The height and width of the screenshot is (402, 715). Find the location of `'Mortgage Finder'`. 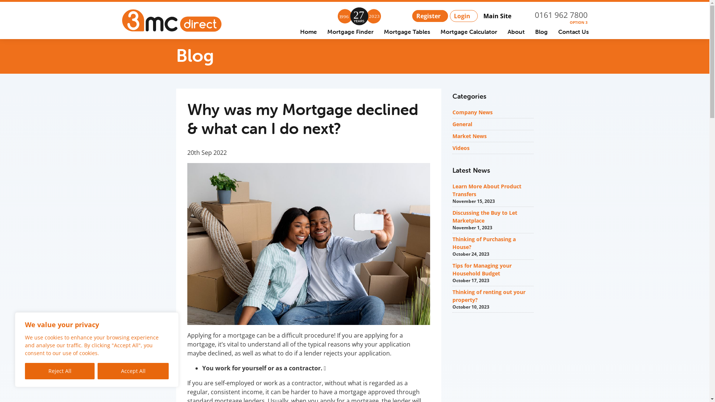

'Mortgage Finder' is located at coordinates (322, 31).